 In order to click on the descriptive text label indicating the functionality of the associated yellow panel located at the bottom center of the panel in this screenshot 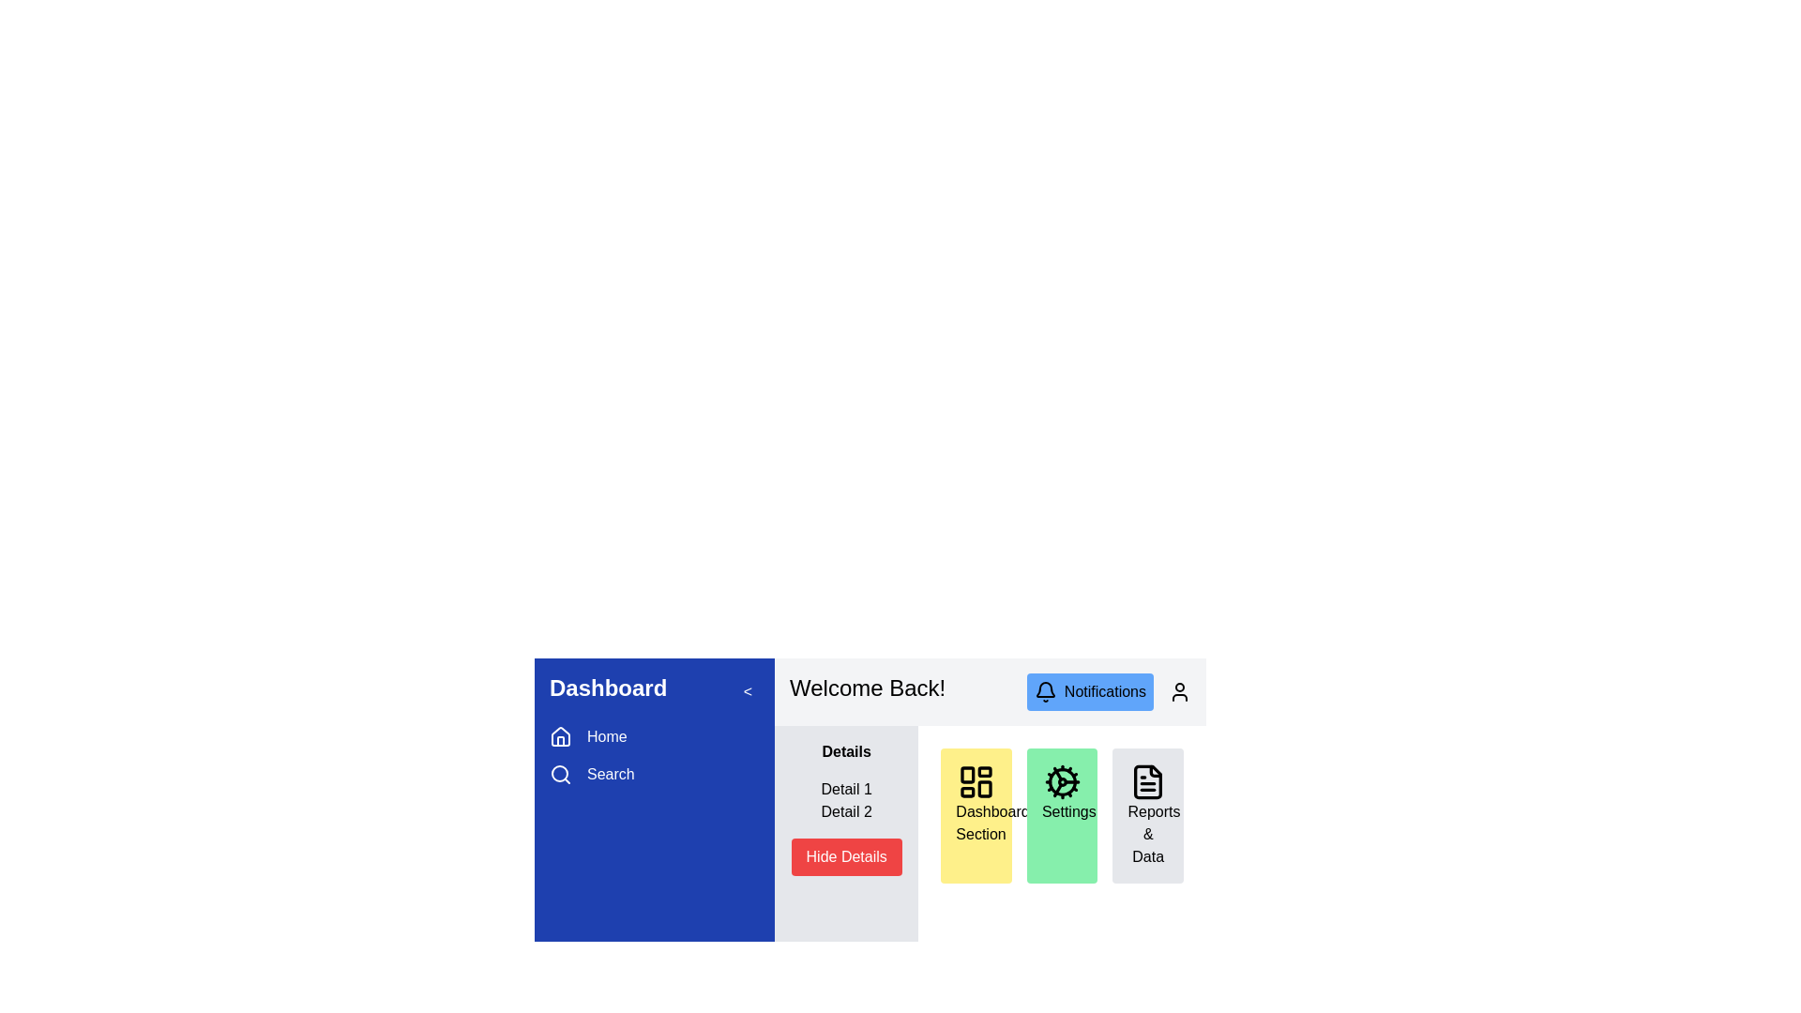, I will do `click(991, 822)`.